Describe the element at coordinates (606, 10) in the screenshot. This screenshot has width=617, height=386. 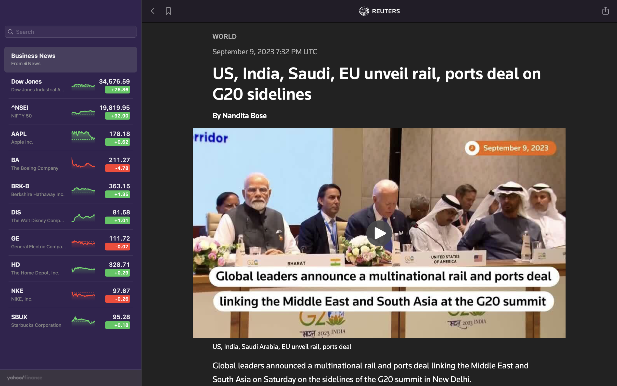
I see `Disseminate recent news update through your Twitter profile` at that location.